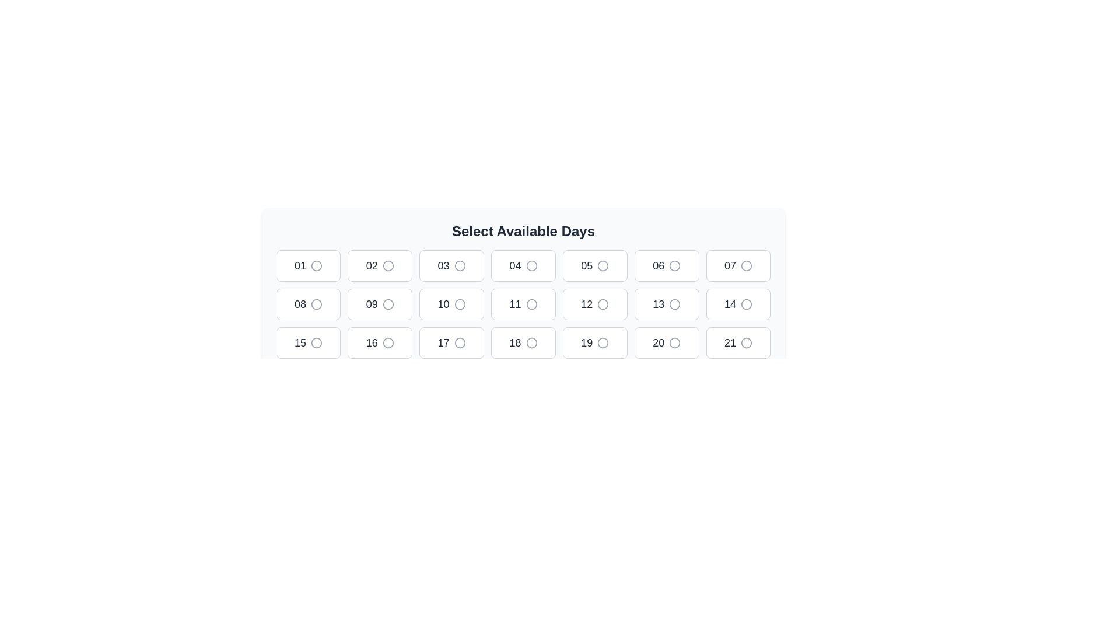  What do you see at coordinates (738, 342) in the screenshot?
I see `the rectangular button with rounded corners displaying the number '21' and an unfilled circle beside it, located in the third row and seventh column of the grid` at bounding box center [738, 342].